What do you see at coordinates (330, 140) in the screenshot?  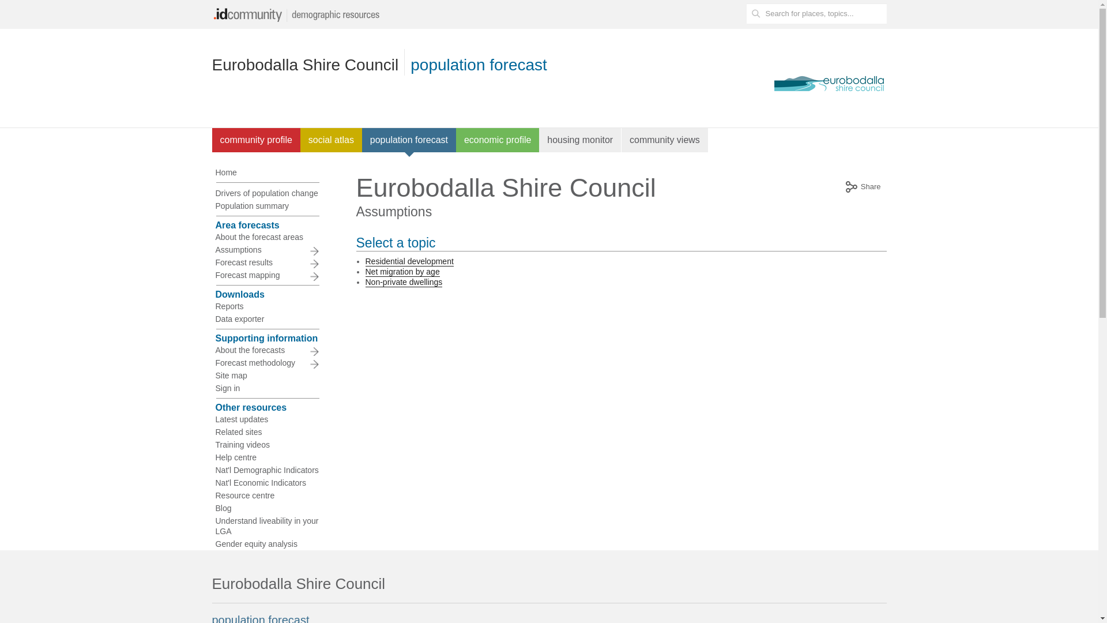 I see `'social atlas'` at bounding box center [330, 140].